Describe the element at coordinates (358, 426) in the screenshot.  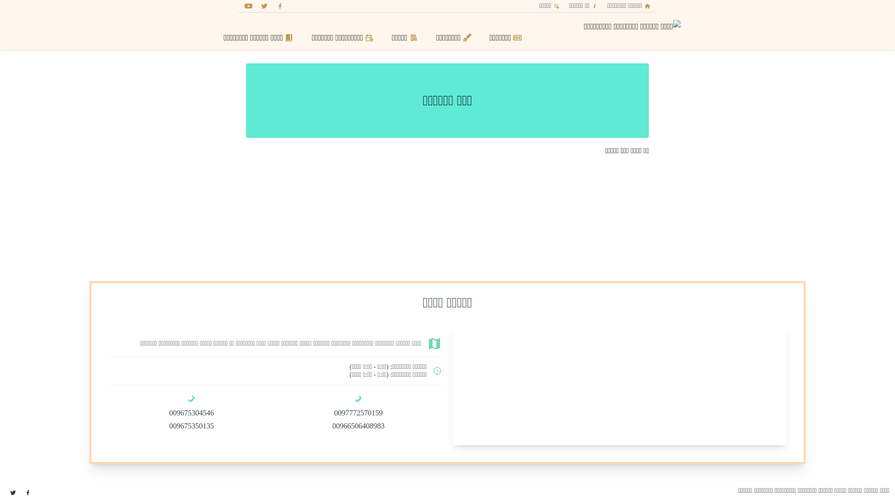
I see `'00966506408983'` at that location.